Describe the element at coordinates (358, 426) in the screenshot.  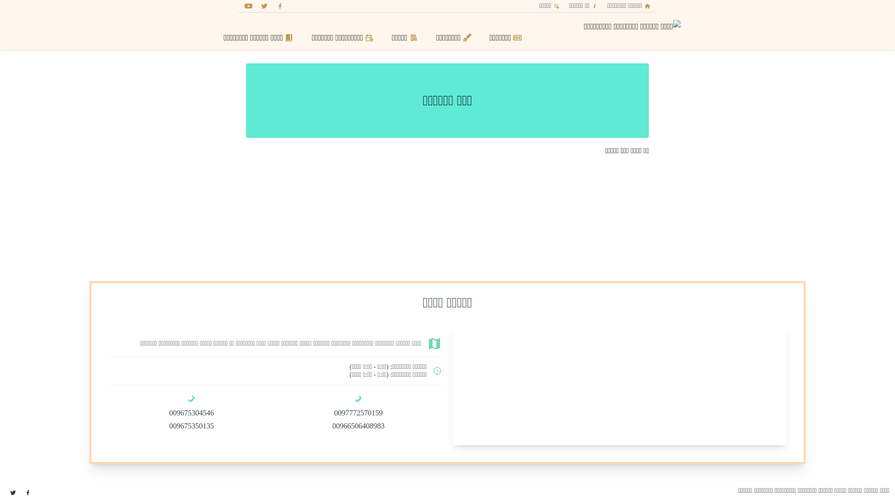
I see `'00966506408983'` at that location.